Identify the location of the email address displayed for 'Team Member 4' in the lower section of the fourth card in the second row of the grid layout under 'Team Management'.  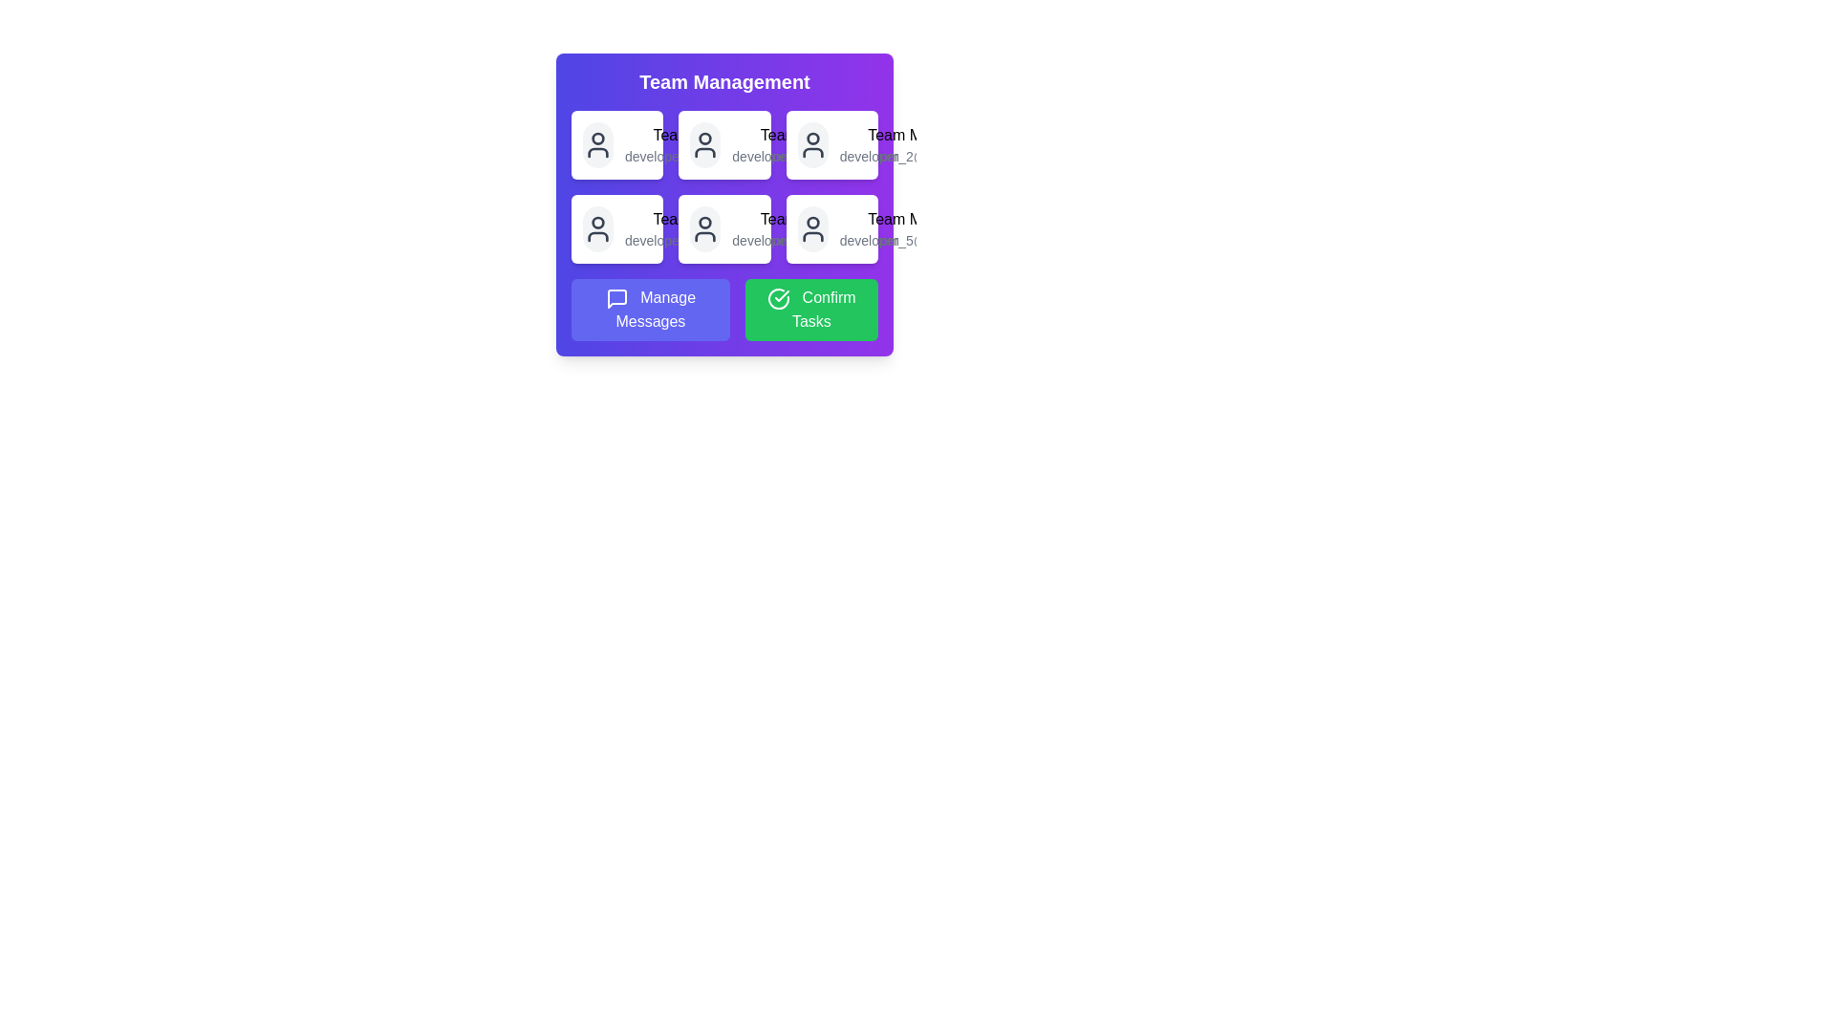
(707, 239).